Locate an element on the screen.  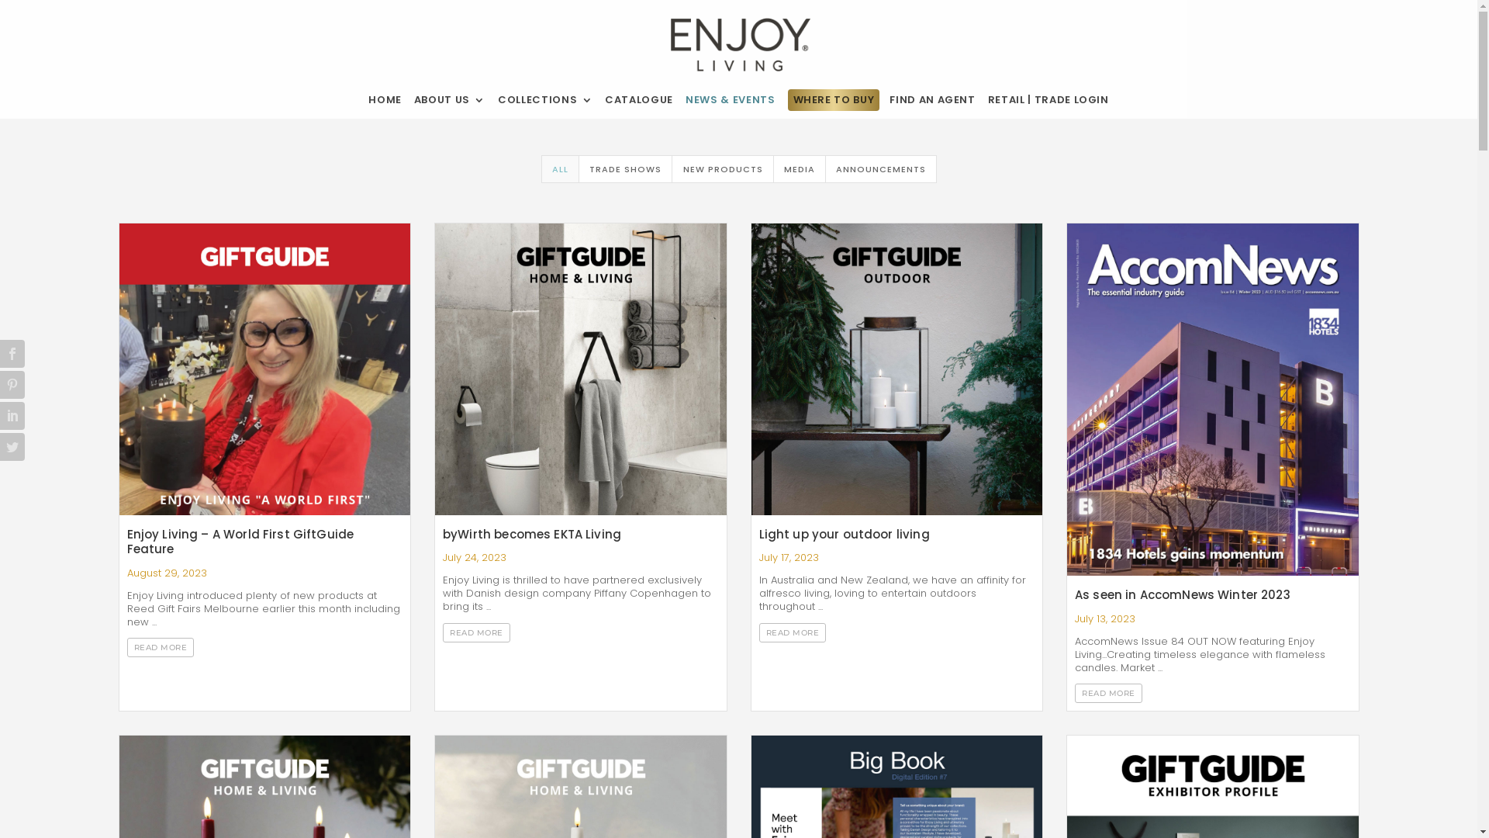
'READ MORE' is located at coordinates (758, 632).